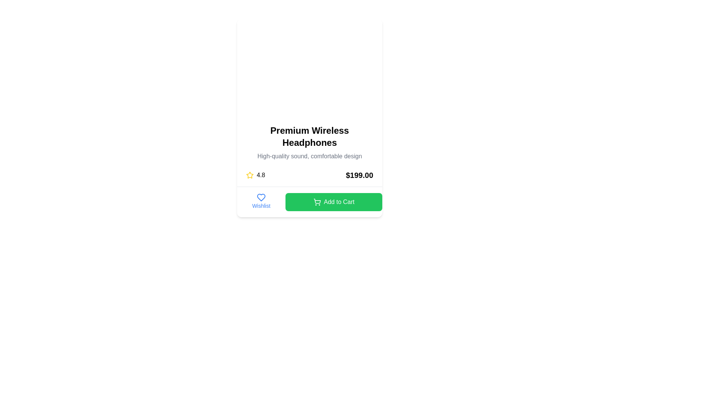 The height and width of the screenshot is (408, 726). I want to click on the text label containing the phrase 'High-quality sound, comfortable design', which is styled in gray font and located beneath the title 'Premium Wireless Headphones', so click(310, 156).